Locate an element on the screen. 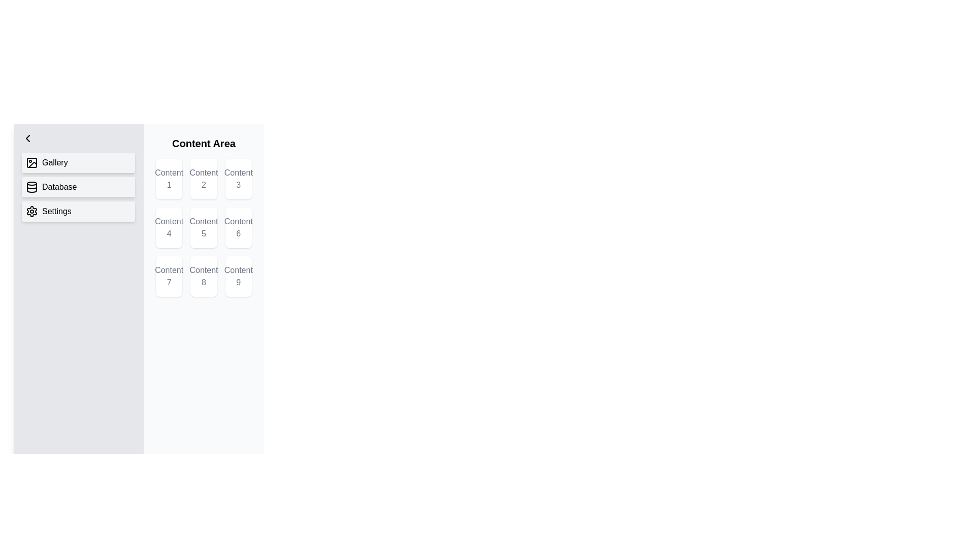 The width and height of the screenshot is (975, 548). the 'Database' text label within the button element located in the left sidebar is located at coordinates (59, 187).